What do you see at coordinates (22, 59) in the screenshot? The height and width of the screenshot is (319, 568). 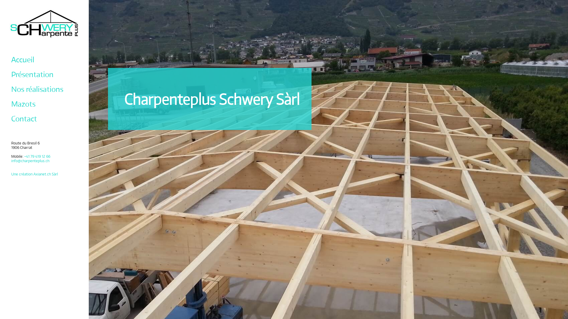 I see `'Accueil'` at bounding box center [22, 59].